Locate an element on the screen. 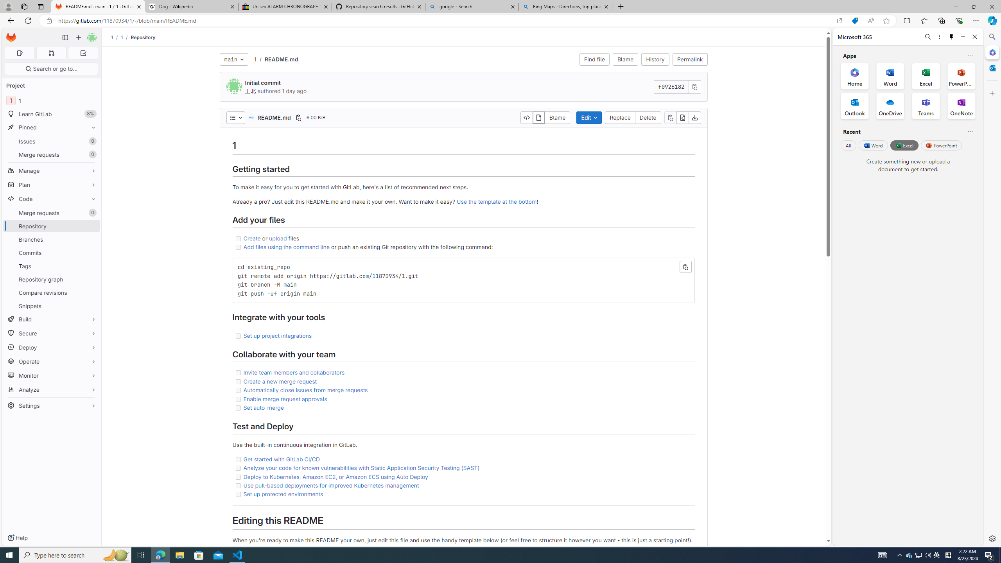 This screenshot has width=1001, height=563. '/README.md' is located at coordinates (277, 59).